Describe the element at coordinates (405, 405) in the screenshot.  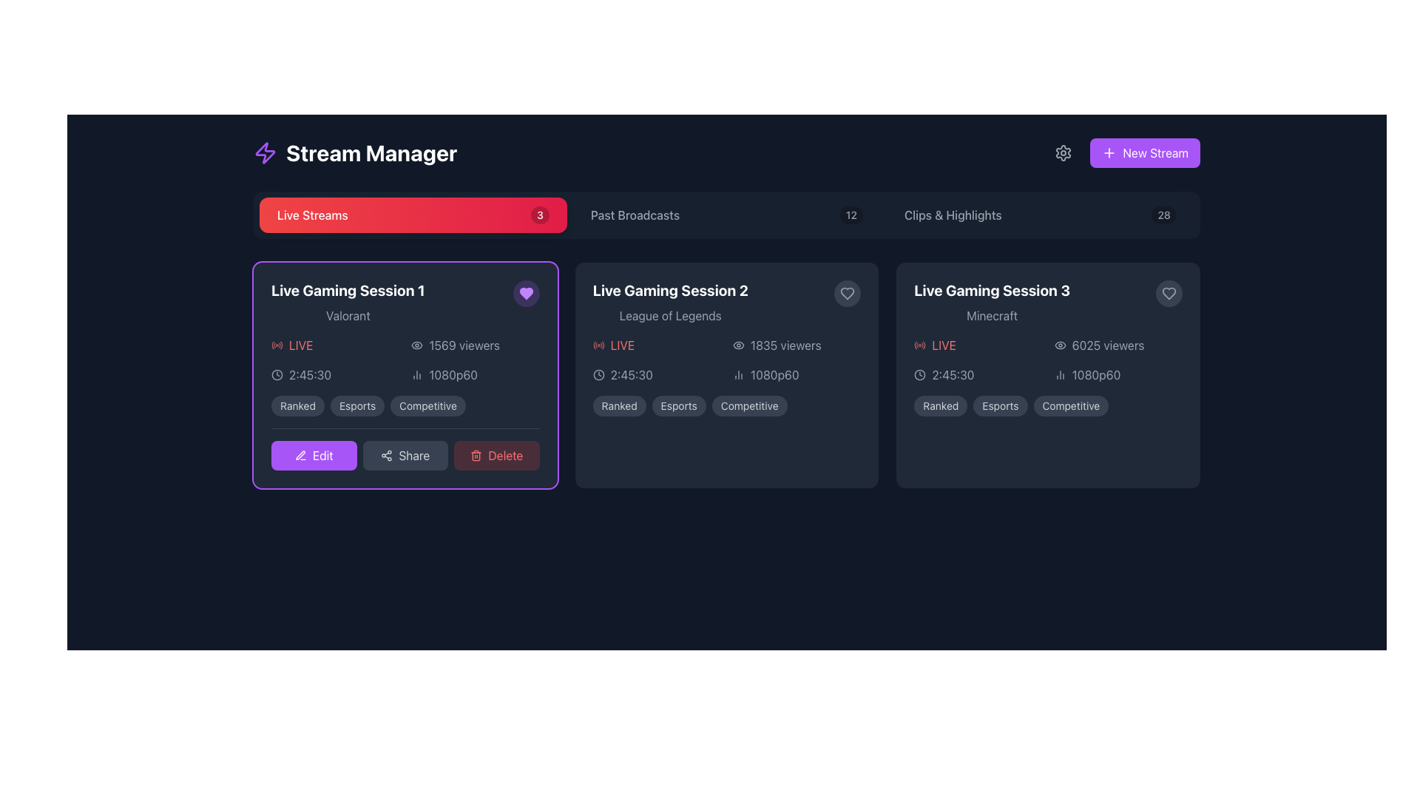
I see `the group of selectable tags labeled 'Ranked,' 'Esports,' and 'Competitive' for filtering or identification purposes` at that location.